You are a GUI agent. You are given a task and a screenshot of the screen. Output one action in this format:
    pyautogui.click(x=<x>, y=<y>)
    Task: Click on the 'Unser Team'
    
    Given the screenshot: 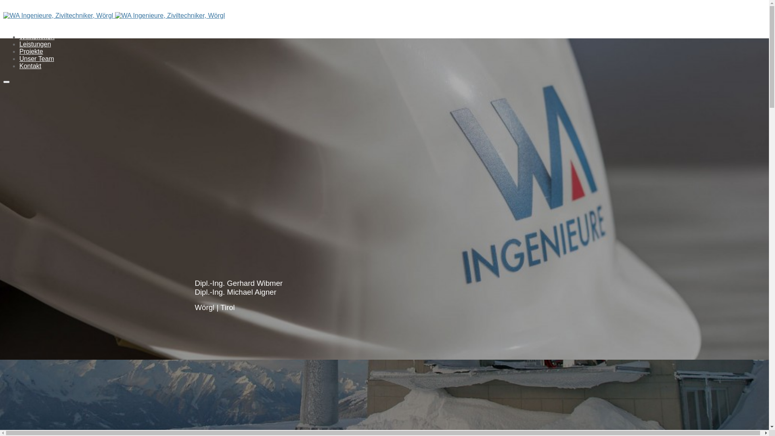 What is the action you would take?
    pyautogui.click(x=36, y=58)
    